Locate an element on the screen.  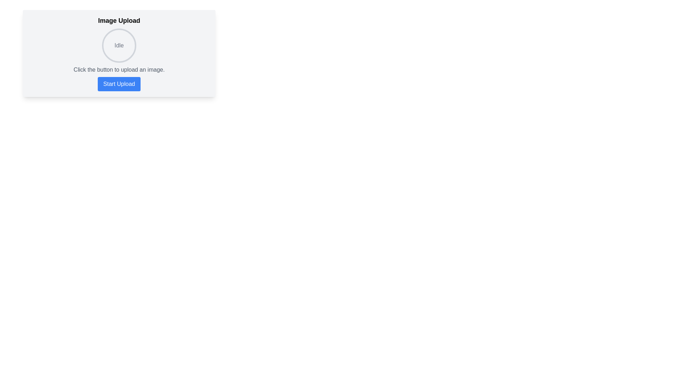
the text block that says 'Click the button to upload an image.' which is styled in medium gray and positioned between a circular area labeled 'Idle' and a blue button labeled 'Start Upload' is located at coordinates (119, 70).